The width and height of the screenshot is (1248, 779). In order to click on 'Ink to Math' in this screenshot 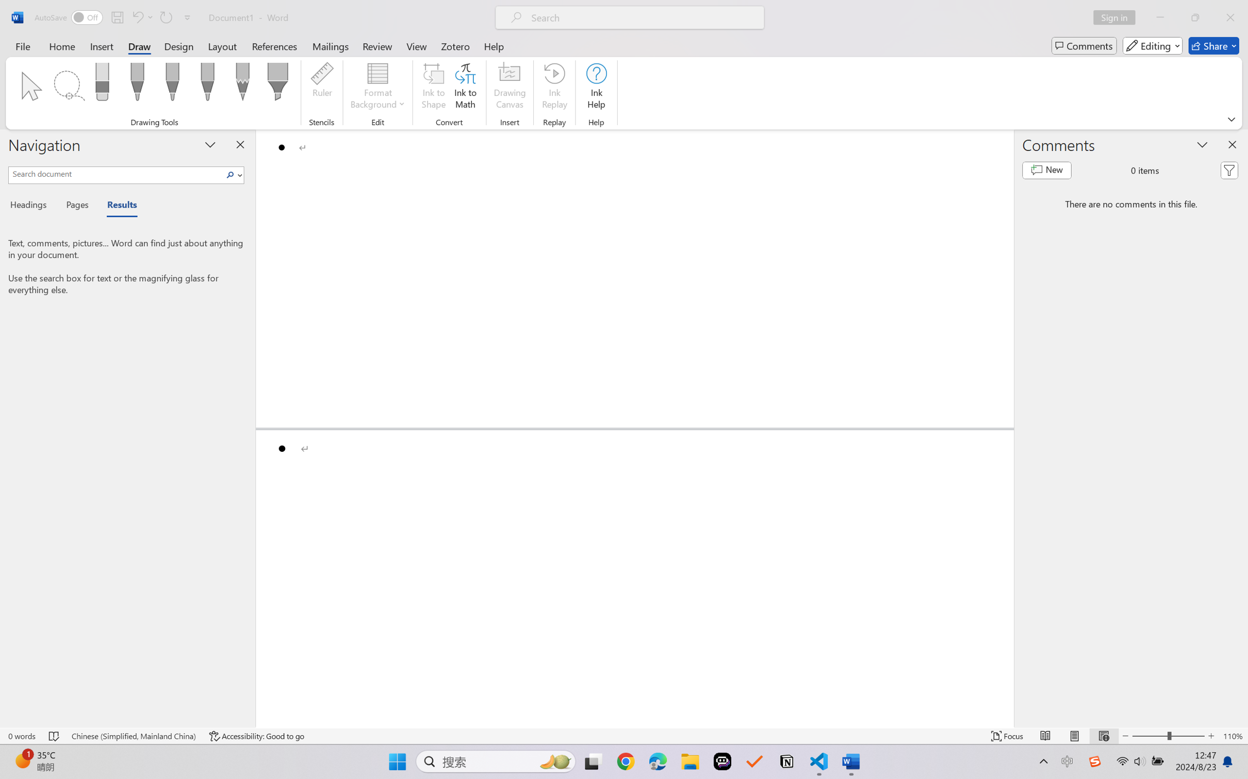, I will do `click(465, 88)`.